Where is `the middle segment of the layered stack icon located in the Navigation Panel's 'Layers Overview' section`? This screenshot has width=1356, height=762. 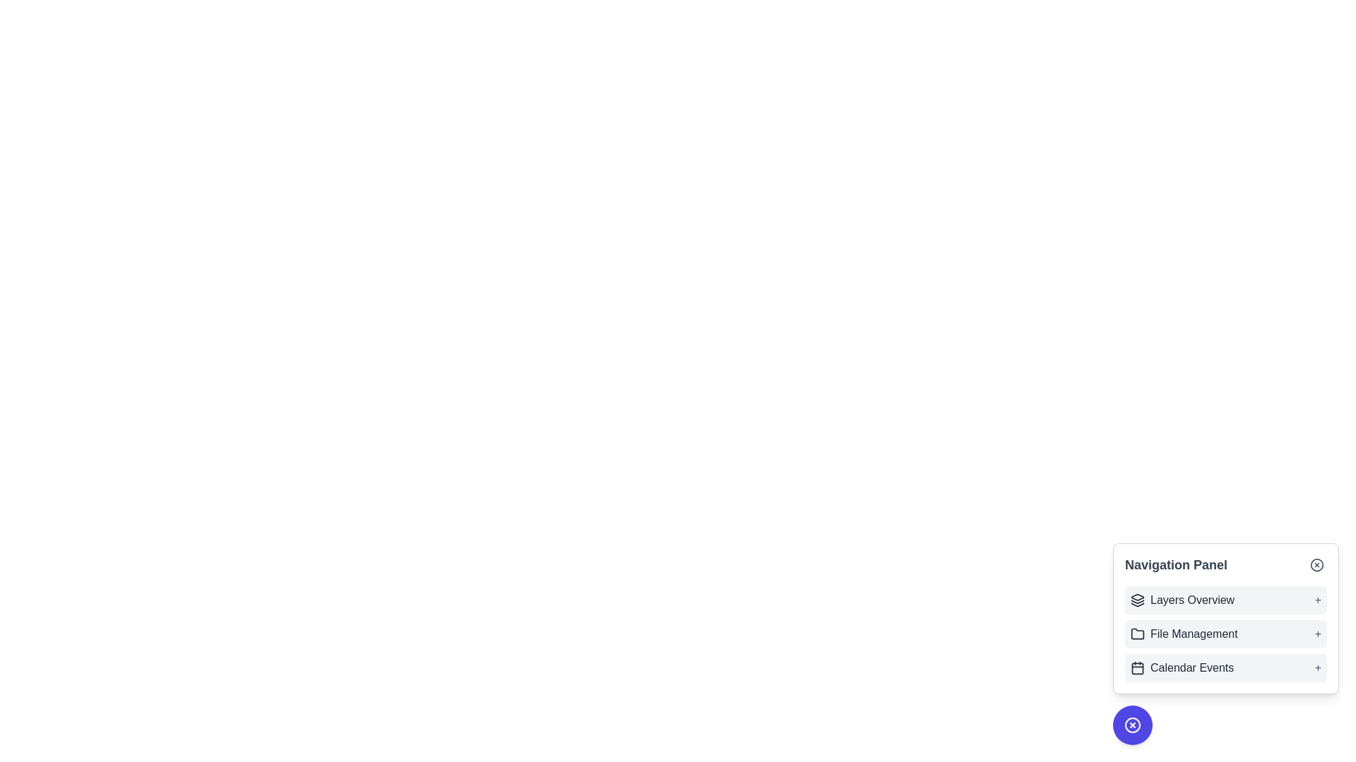 the middle segment of the layered stack icon located in the Navigation Panel's 'Layers Overview' section is located at coordinates (1138, 601).